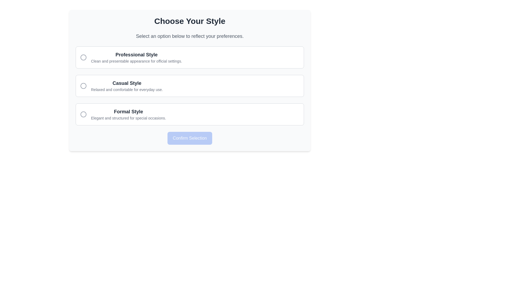  I want to click on the confirmation button located at the center-bottom of the content section to confirm the selection, so click(190, 138).